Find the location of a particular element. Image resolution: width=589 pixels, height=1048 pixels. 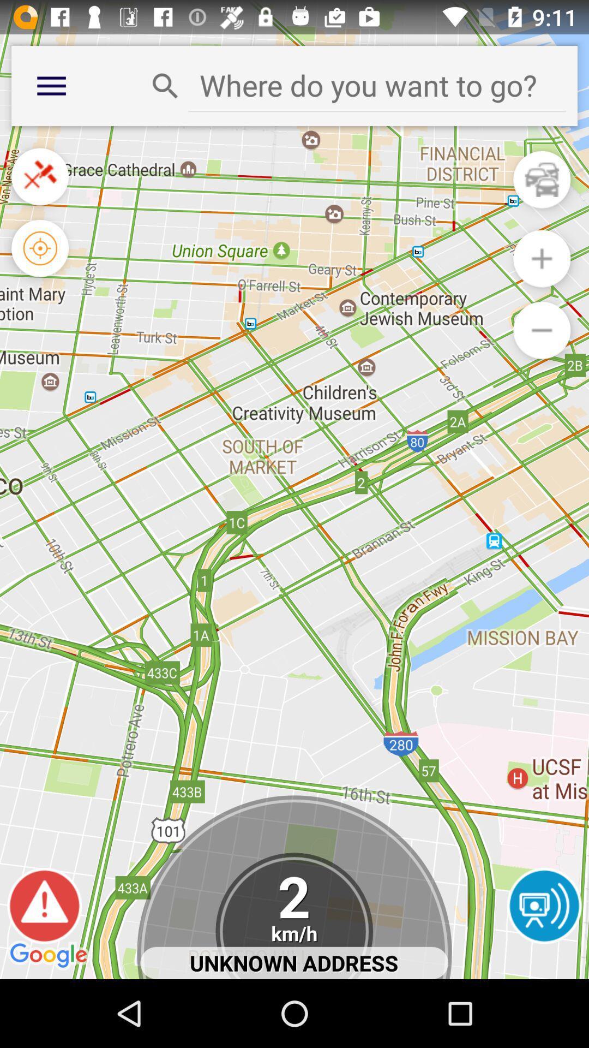

location is located at coordinates (376, 85).